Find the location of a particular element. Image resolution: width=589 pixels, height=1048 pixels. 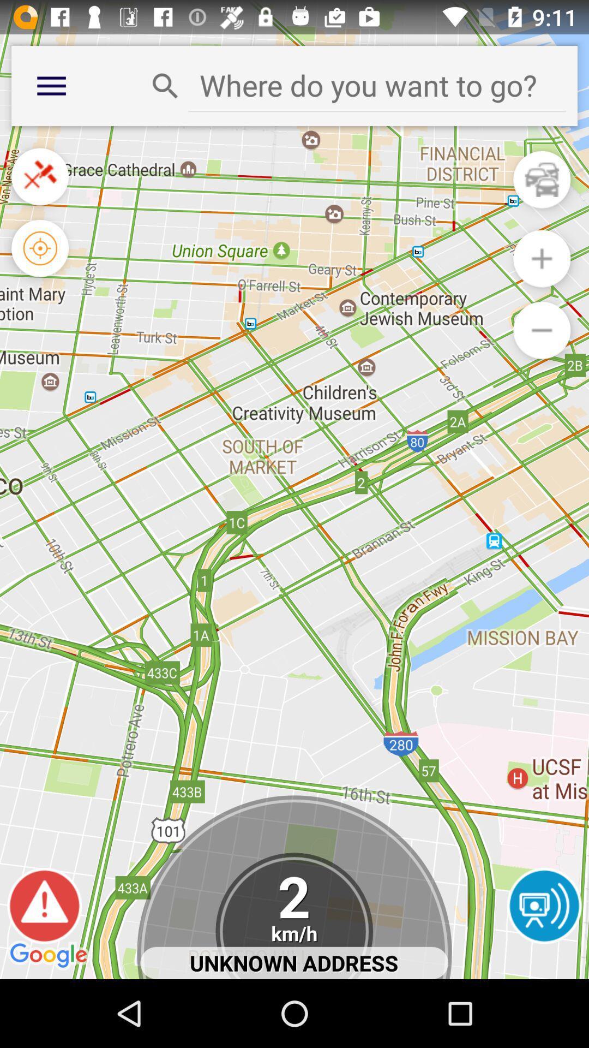

location is located at coordinates (376, 85).